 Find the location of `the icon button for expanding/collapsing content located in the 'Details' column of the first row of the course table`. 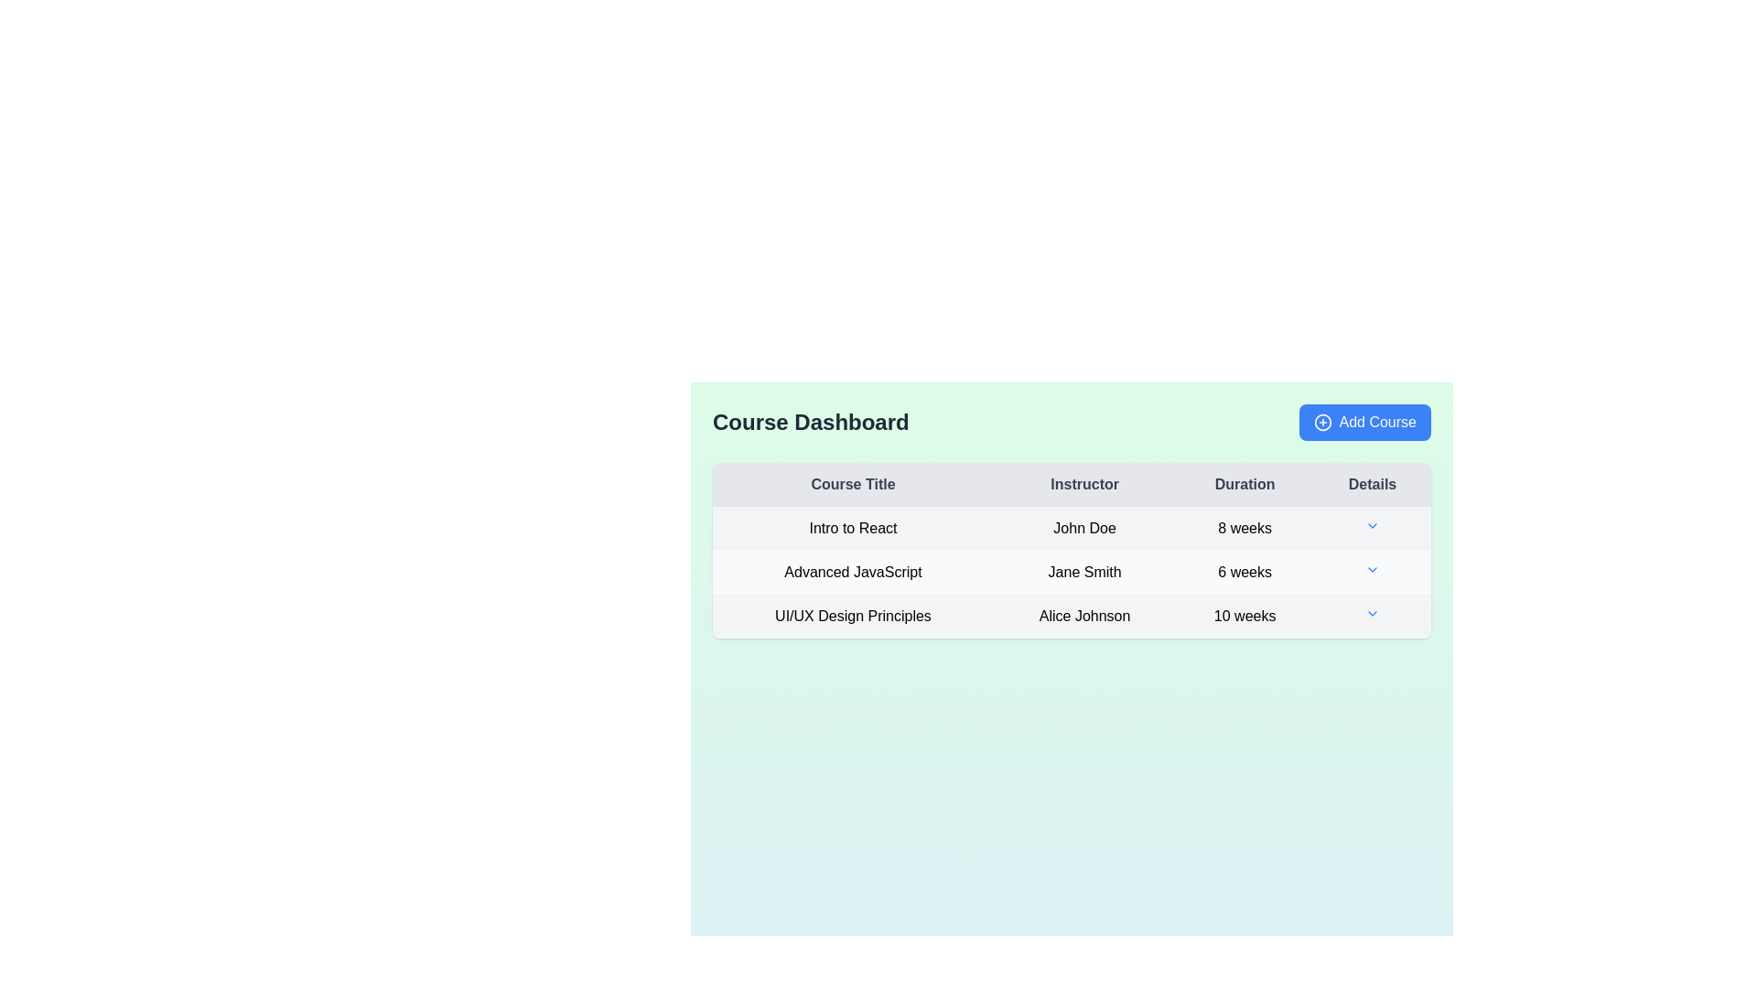

the icon button for expanding/collapsing content located in the 'Details' column of the first row of the course table is located at coordinates (1372, 529).